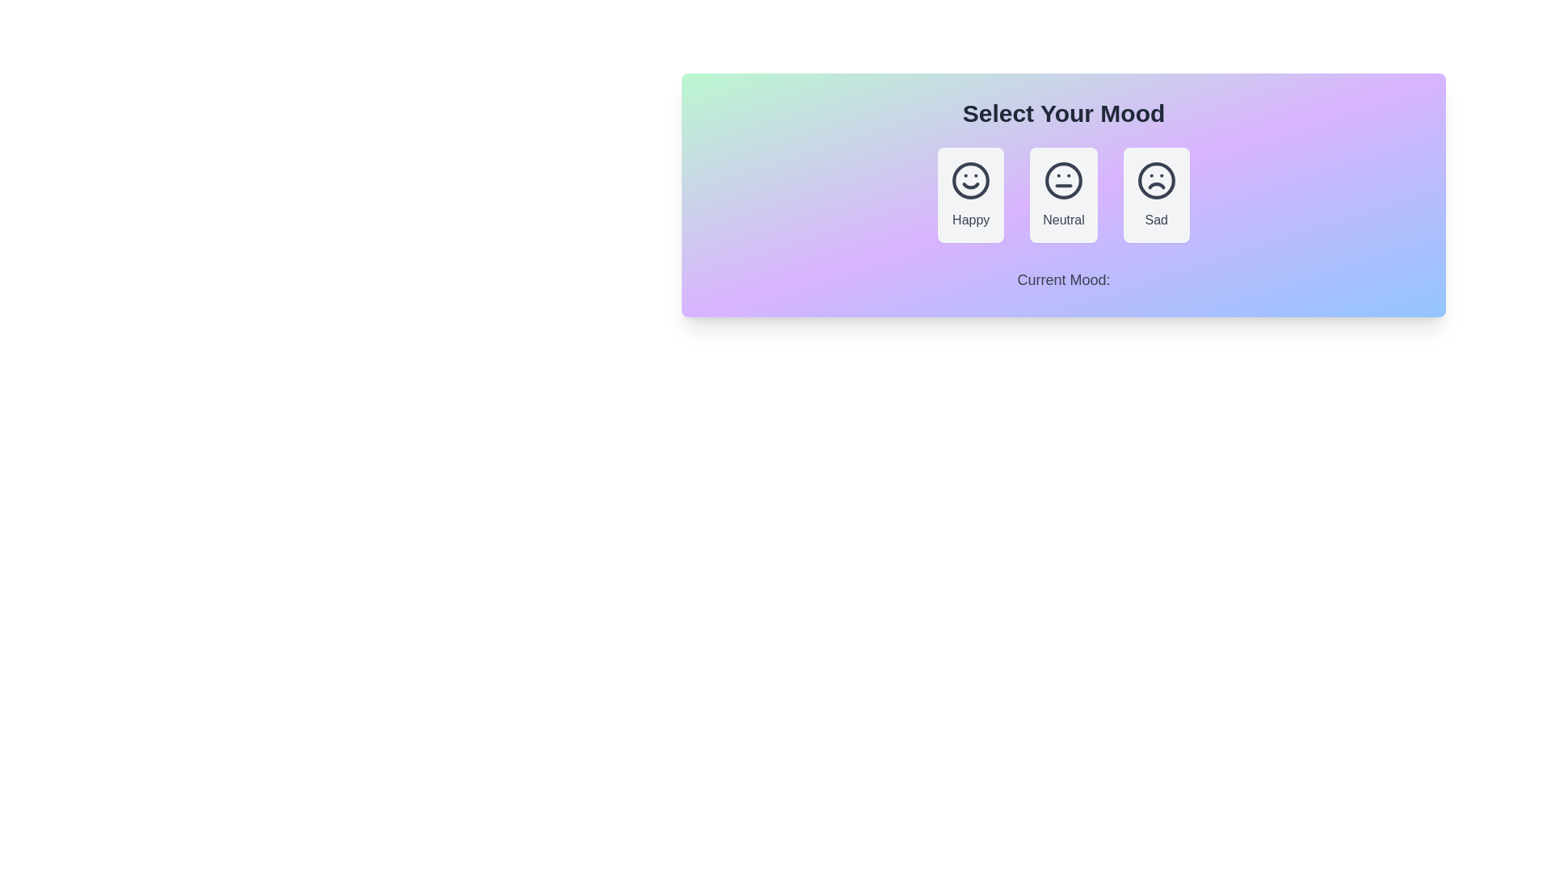  What do you see at coordinates (1063, 195) in the screenshot?
I see `the Neutral button to observe its hover effects` at bounding box center [1063, 195].